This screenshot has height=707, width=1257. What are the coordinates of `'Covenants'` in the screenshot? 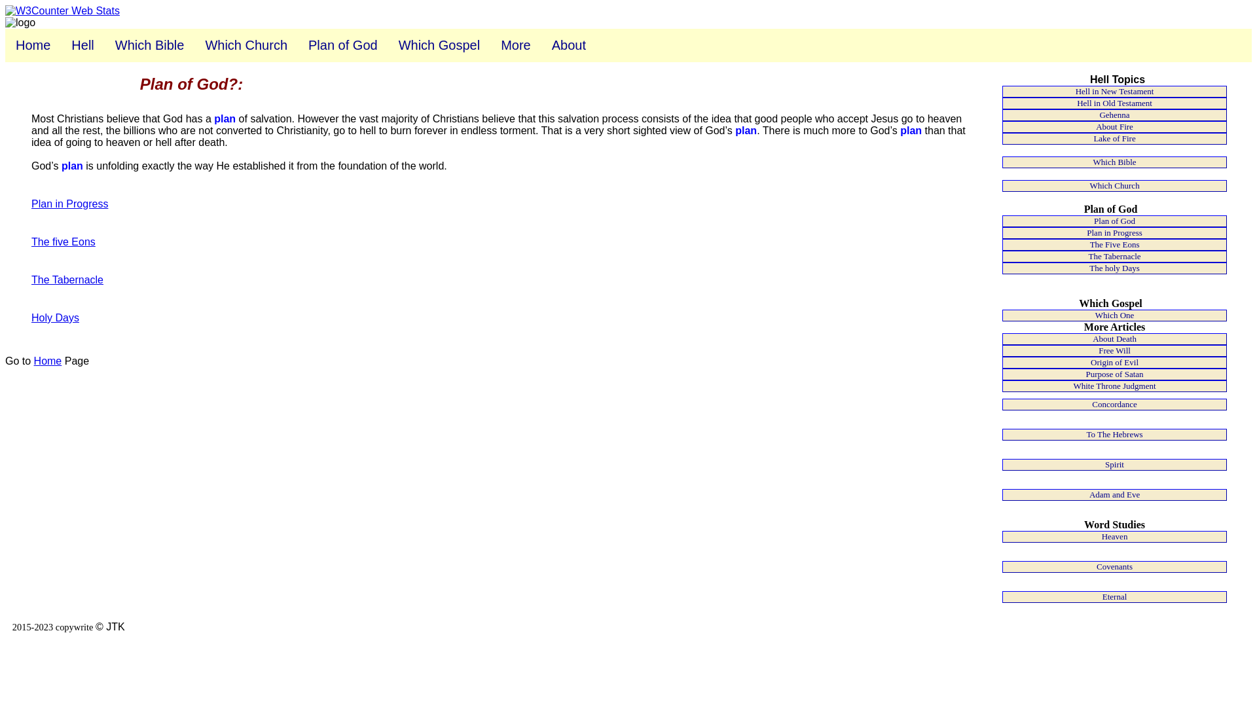 It's located at (1114, 566).